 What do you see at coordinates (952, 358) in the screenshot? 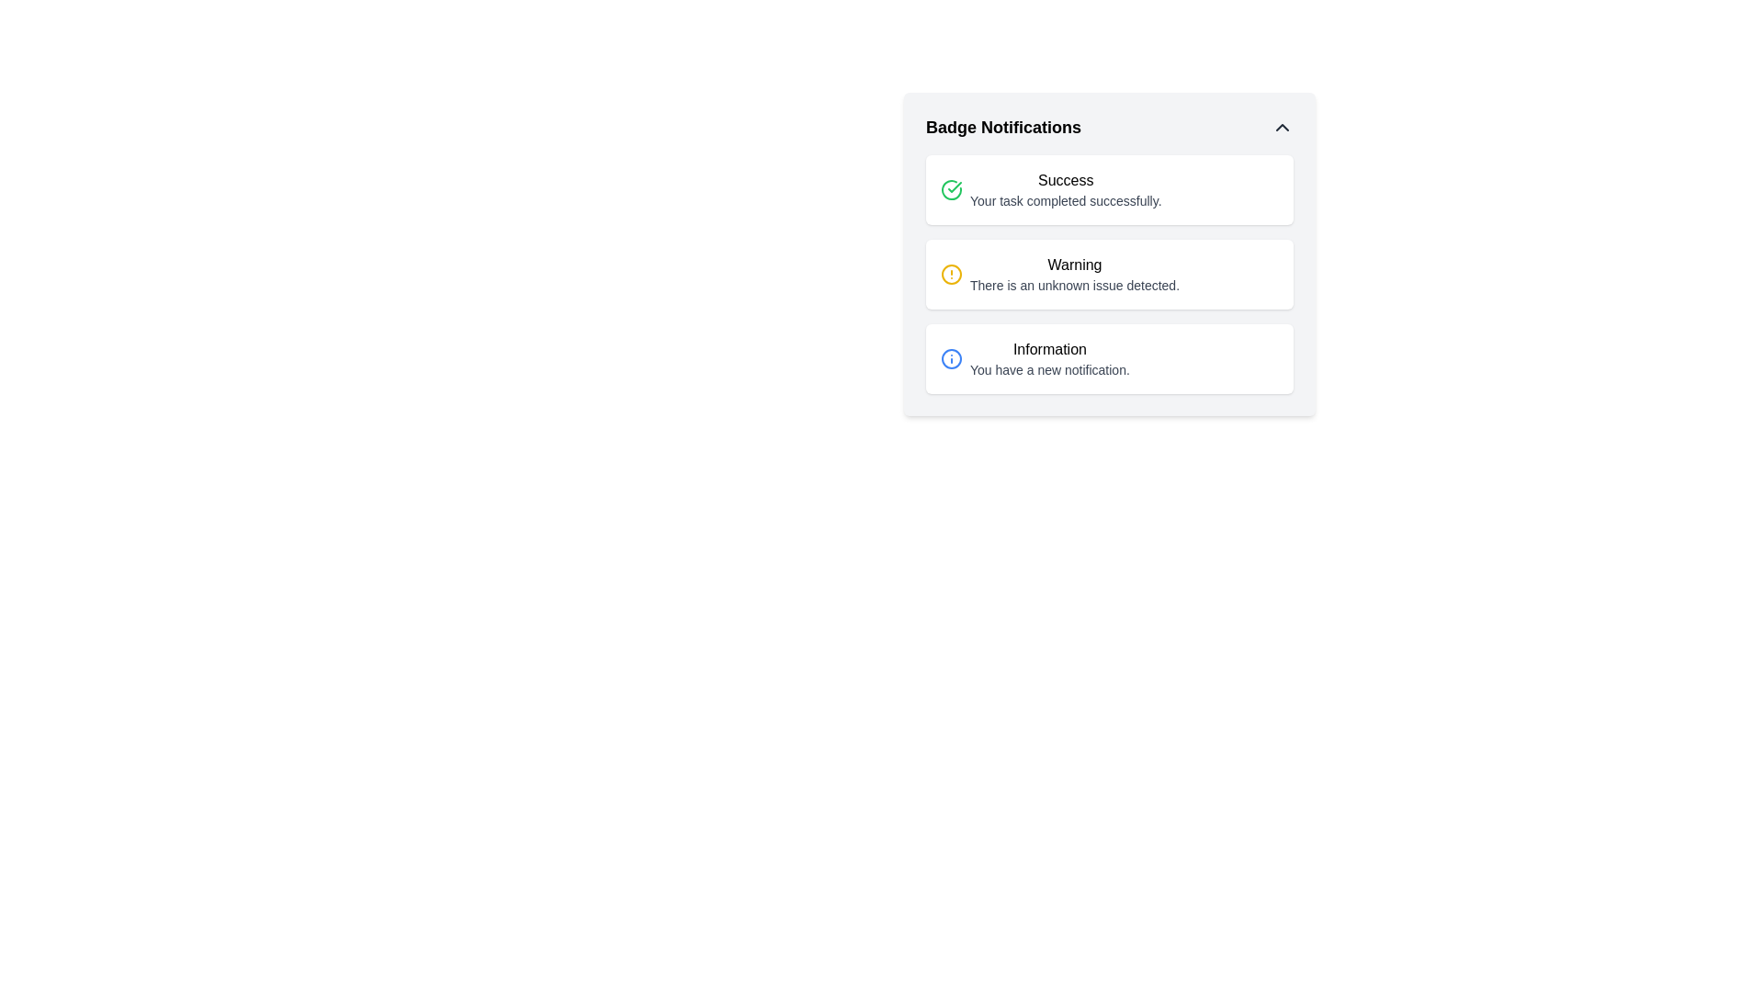
I see `the small circular blue information icon located at the beginning of the 'Information' notification item in the 'Badge Notifications' list` at bounding box center [952, 358].